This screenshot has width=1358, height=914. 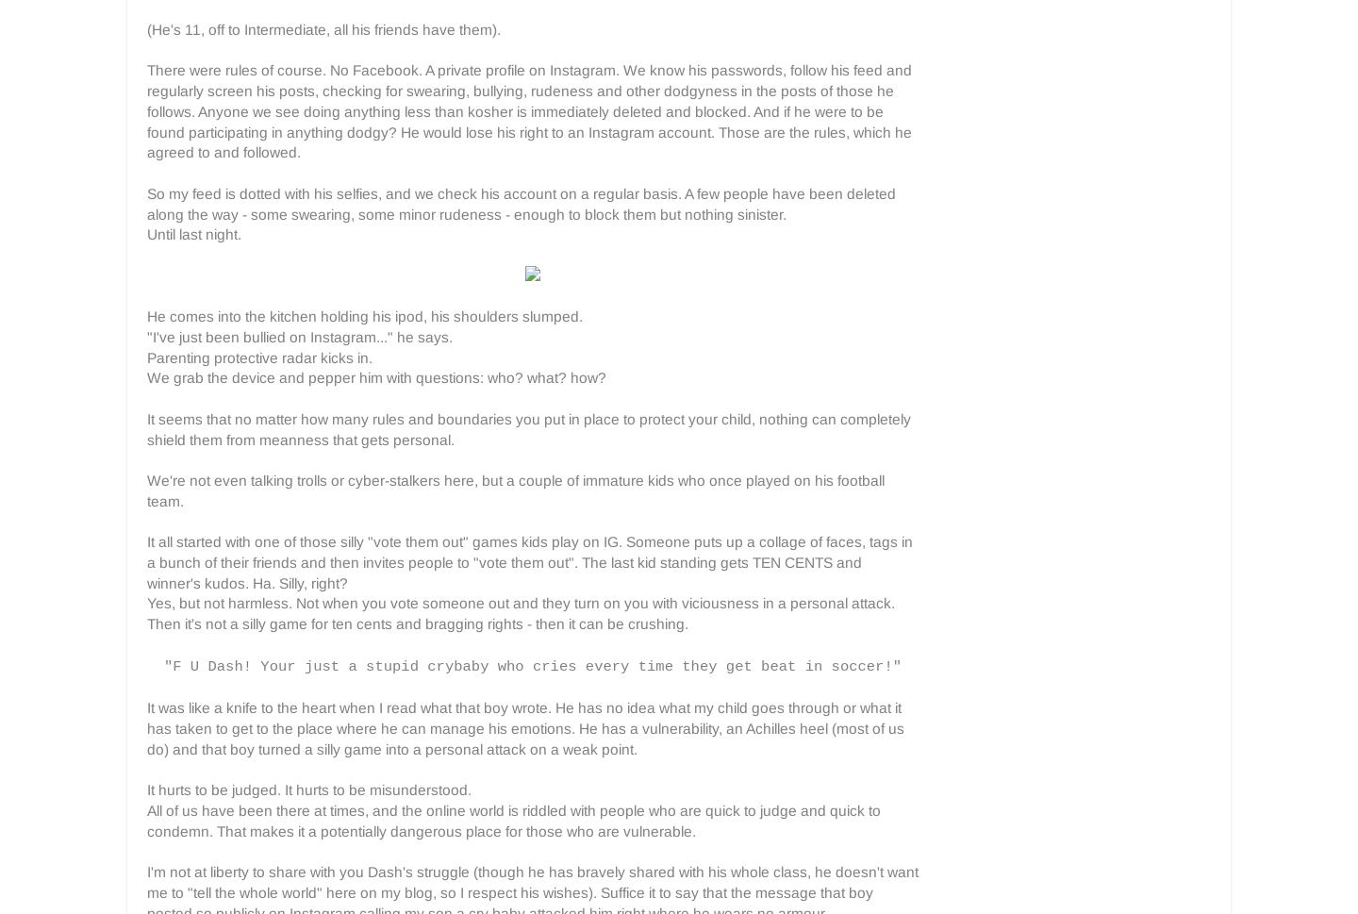 I want to click on 'Until last night.', so click(x=194, y=233).